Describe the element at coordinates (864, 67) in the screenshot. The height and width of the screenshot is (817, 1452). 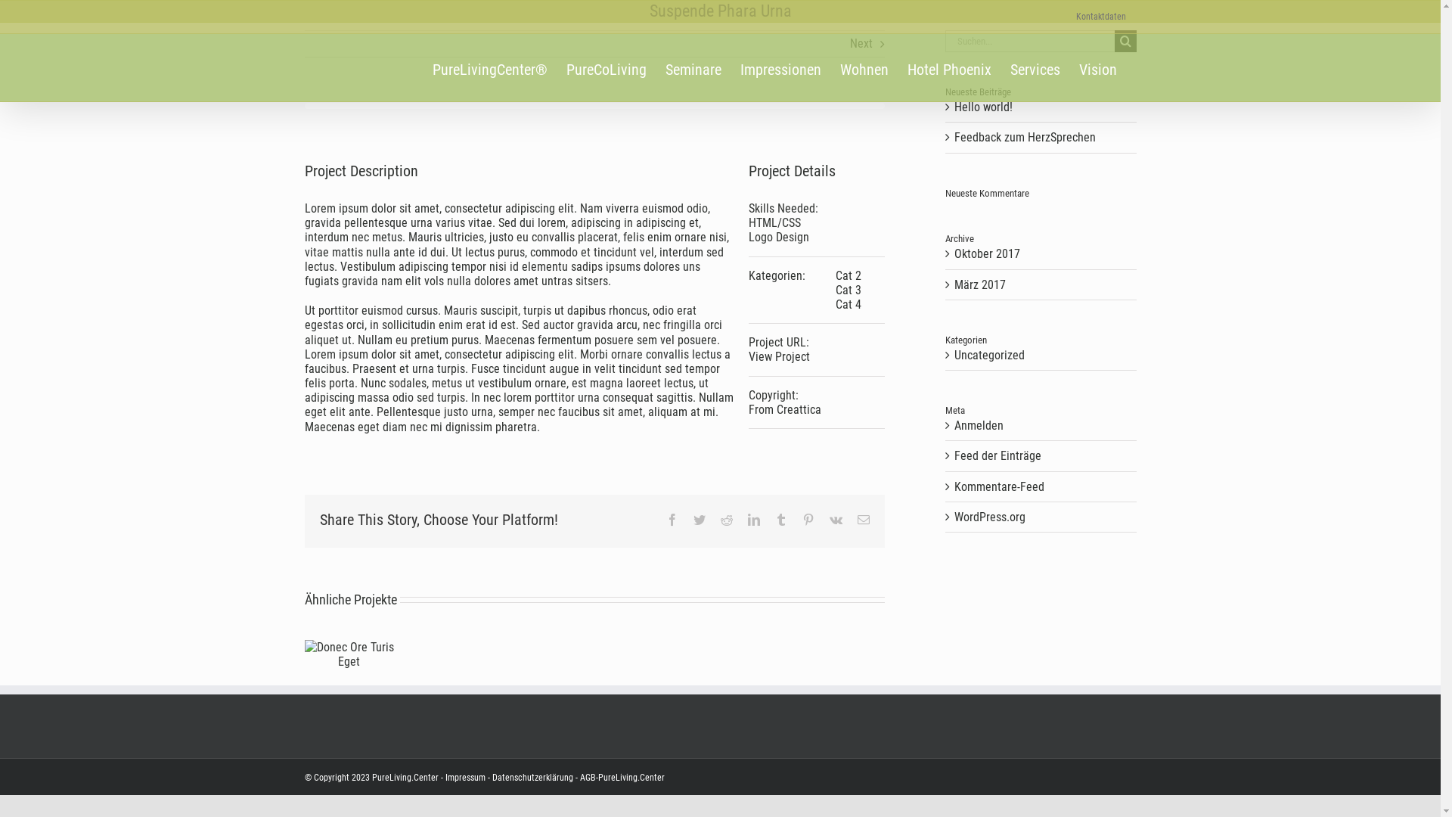
I see `'Wohnen'` at that location.